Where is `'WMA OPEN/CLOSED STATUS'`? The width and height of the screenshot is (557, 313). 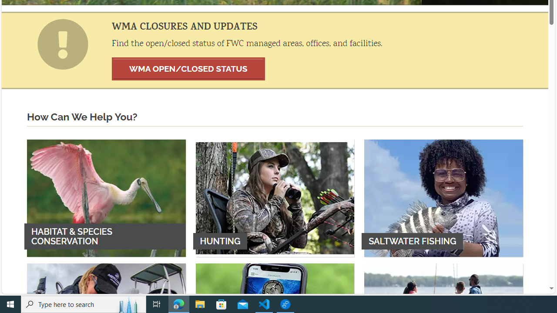
'WMA OPEN/CLOSED STATUS' is located at coordinates (188, 68).